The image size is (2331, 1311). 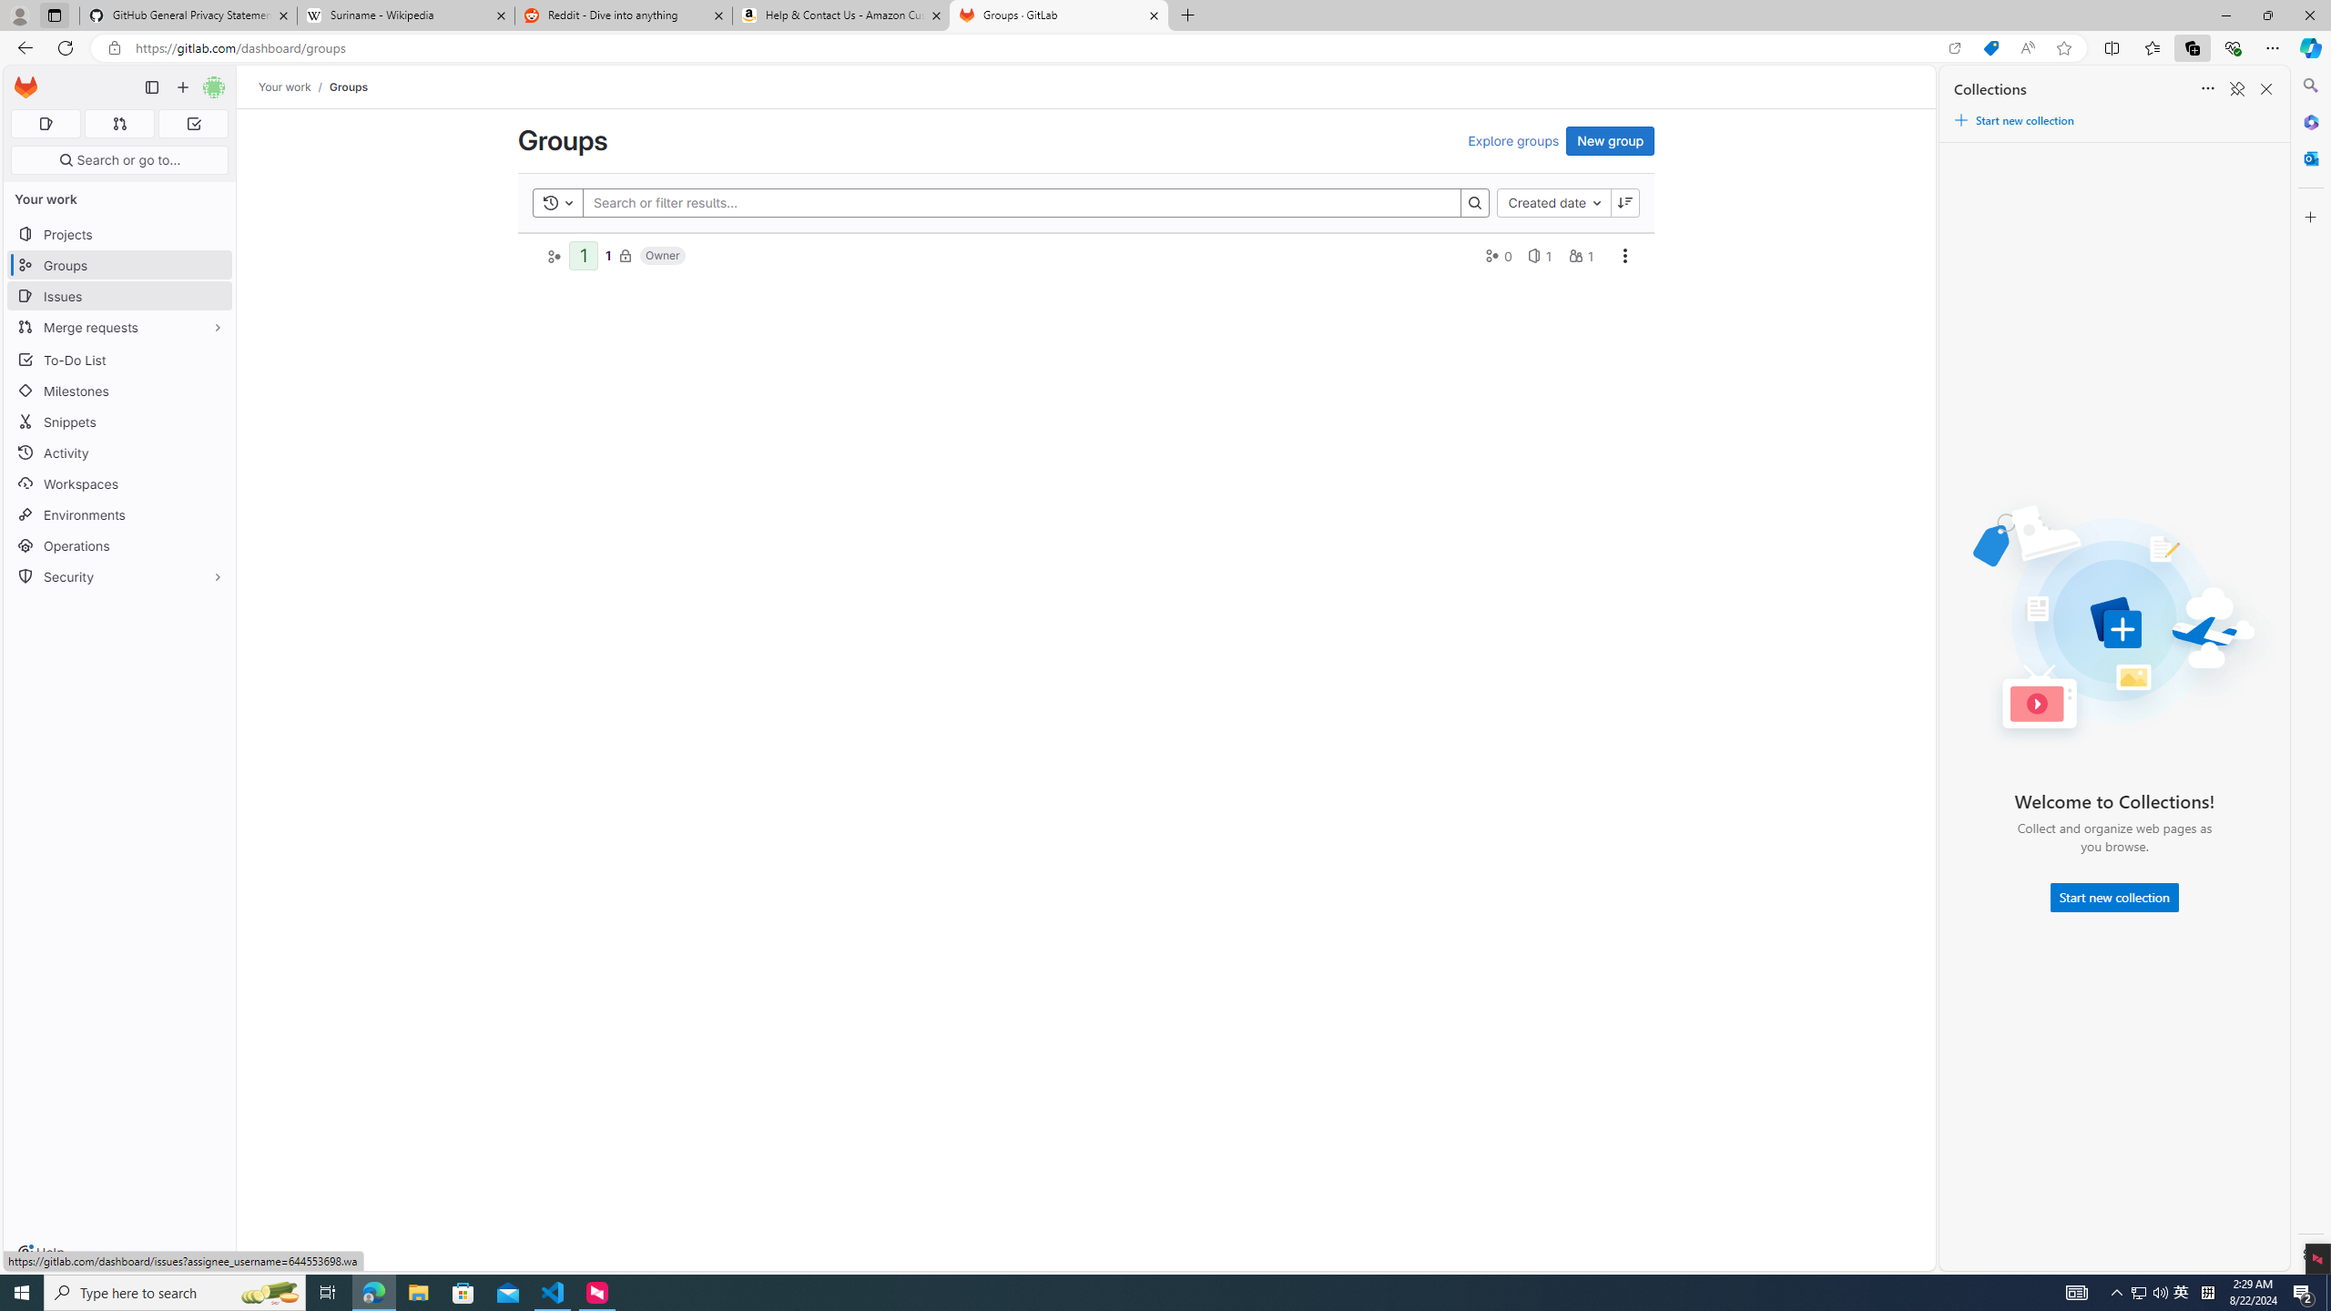 What do you see at coordinates (557, 202) in the screenshot?
I see `'Toggle history'` at bounding box center [557, 202].